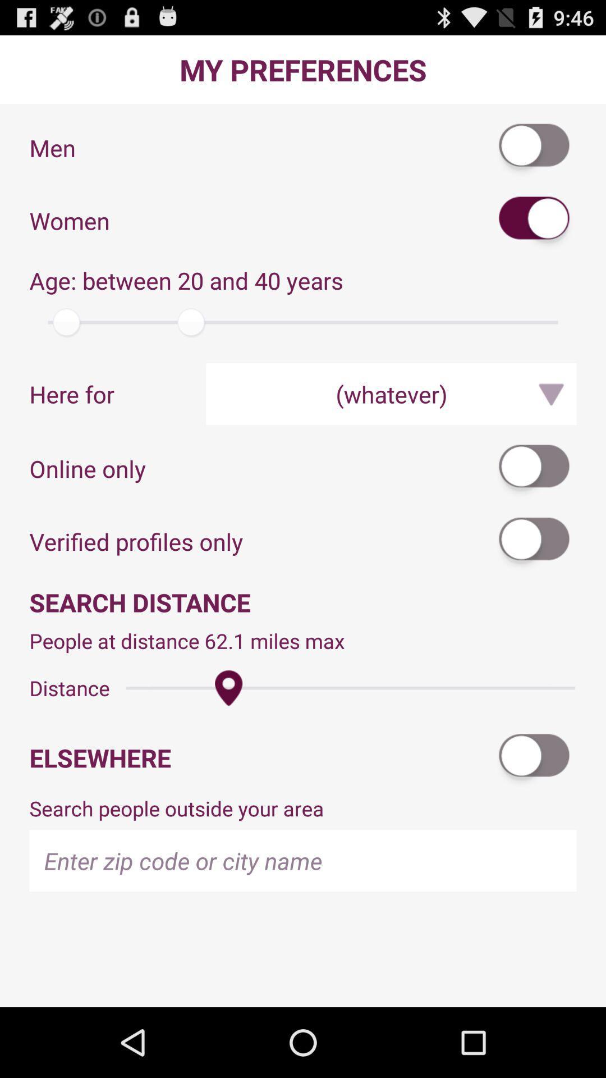 This screenshot has height=1078, width=606. What do you see at coordinates (534, 757) in the screenshot?
I see `turn off option` at bounding box center [534, 757].